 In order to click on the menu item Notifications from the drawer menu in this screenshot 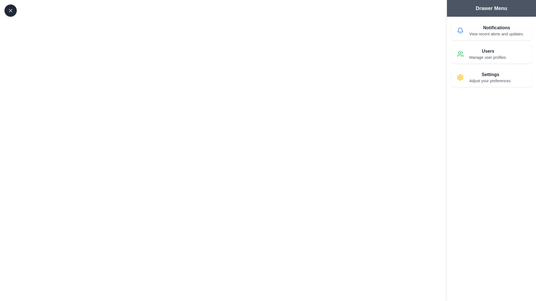, I will do `click(491, 31)`.